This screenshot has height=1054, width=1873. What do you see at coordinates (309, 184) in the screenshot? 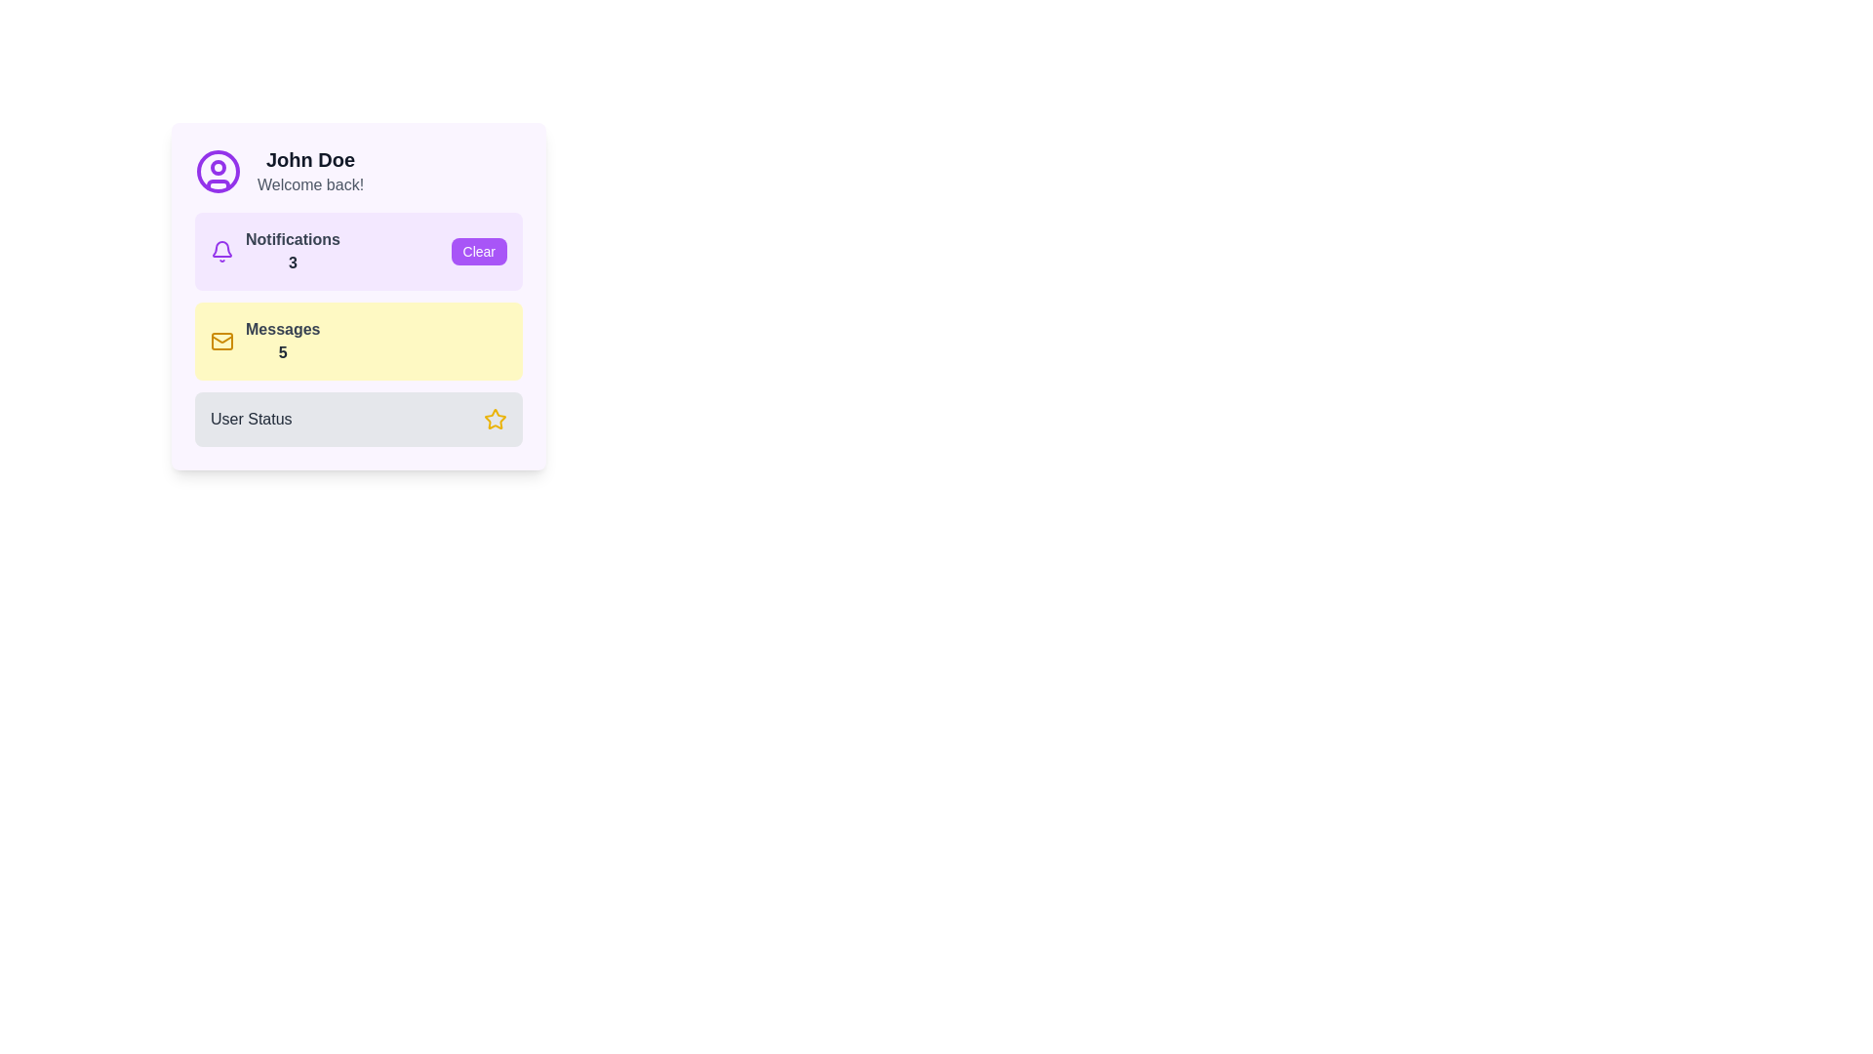
I see `the descriptive greeting label located below 'John Doe' in the user profile card` at bounding box center [309, 184].